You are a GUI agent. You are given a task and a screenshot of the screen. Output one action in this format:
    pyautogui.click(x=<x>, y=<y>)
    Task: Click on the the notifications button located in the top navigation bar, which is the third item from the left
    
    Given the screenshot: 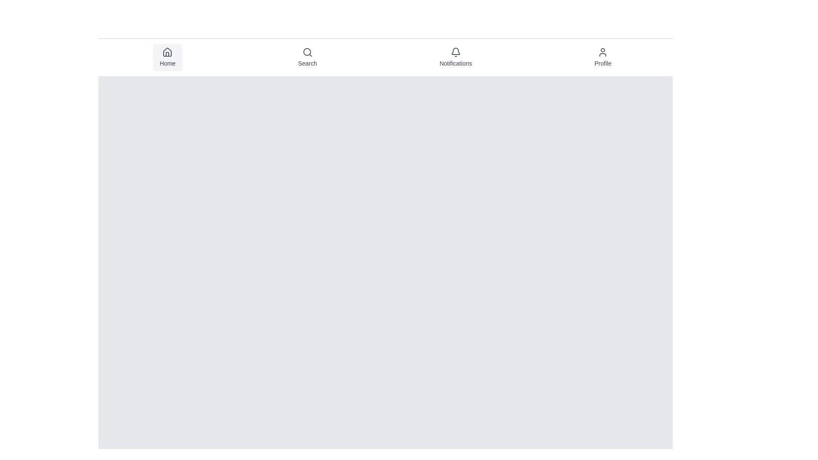 What is the action you would take?
    pyautogui.click(x=455, y=57)
    